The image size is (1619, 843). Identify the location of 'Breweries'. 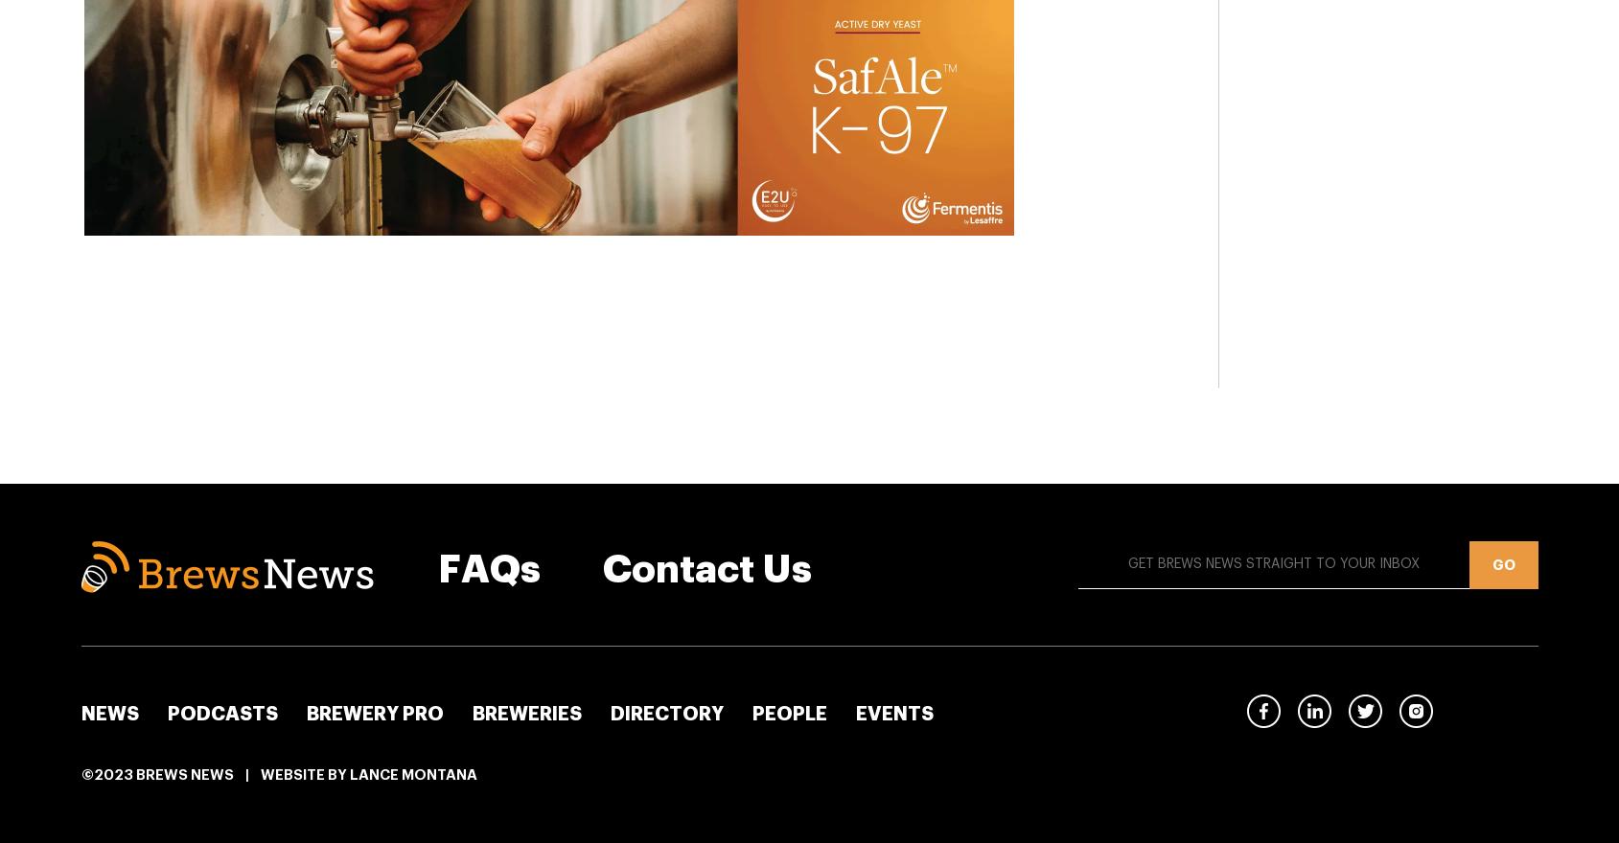
(472, 713).